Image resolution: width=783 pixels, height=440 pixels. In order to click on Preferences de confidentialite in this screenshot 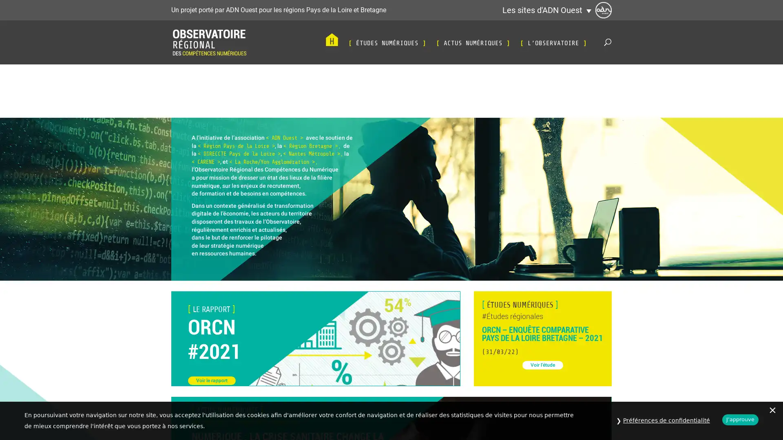, I will do `click(666, 420)`.